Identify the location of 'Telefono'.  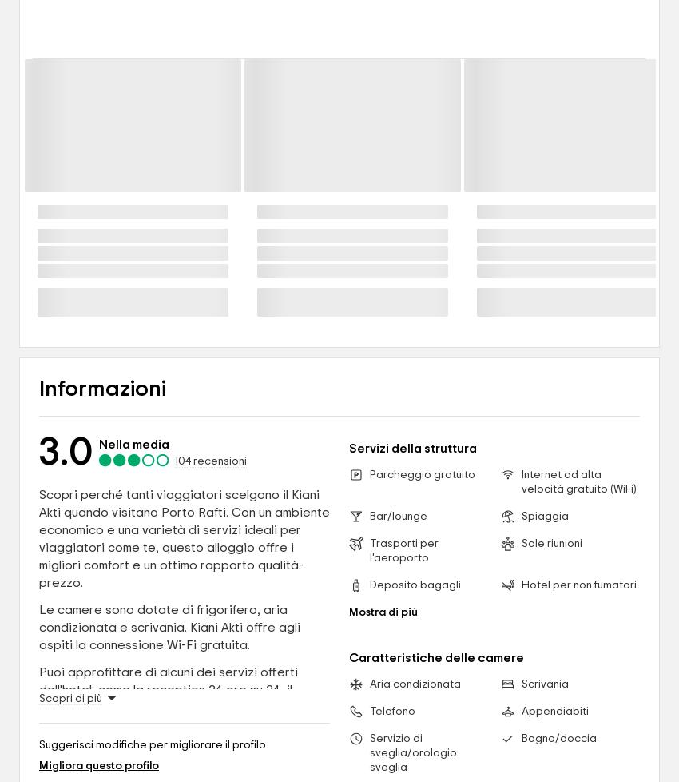
(392, 710).